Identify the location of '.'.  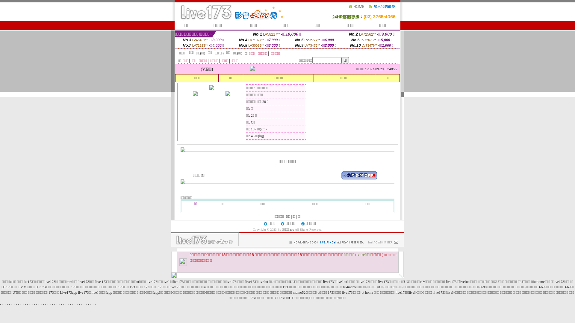
(39, 303).